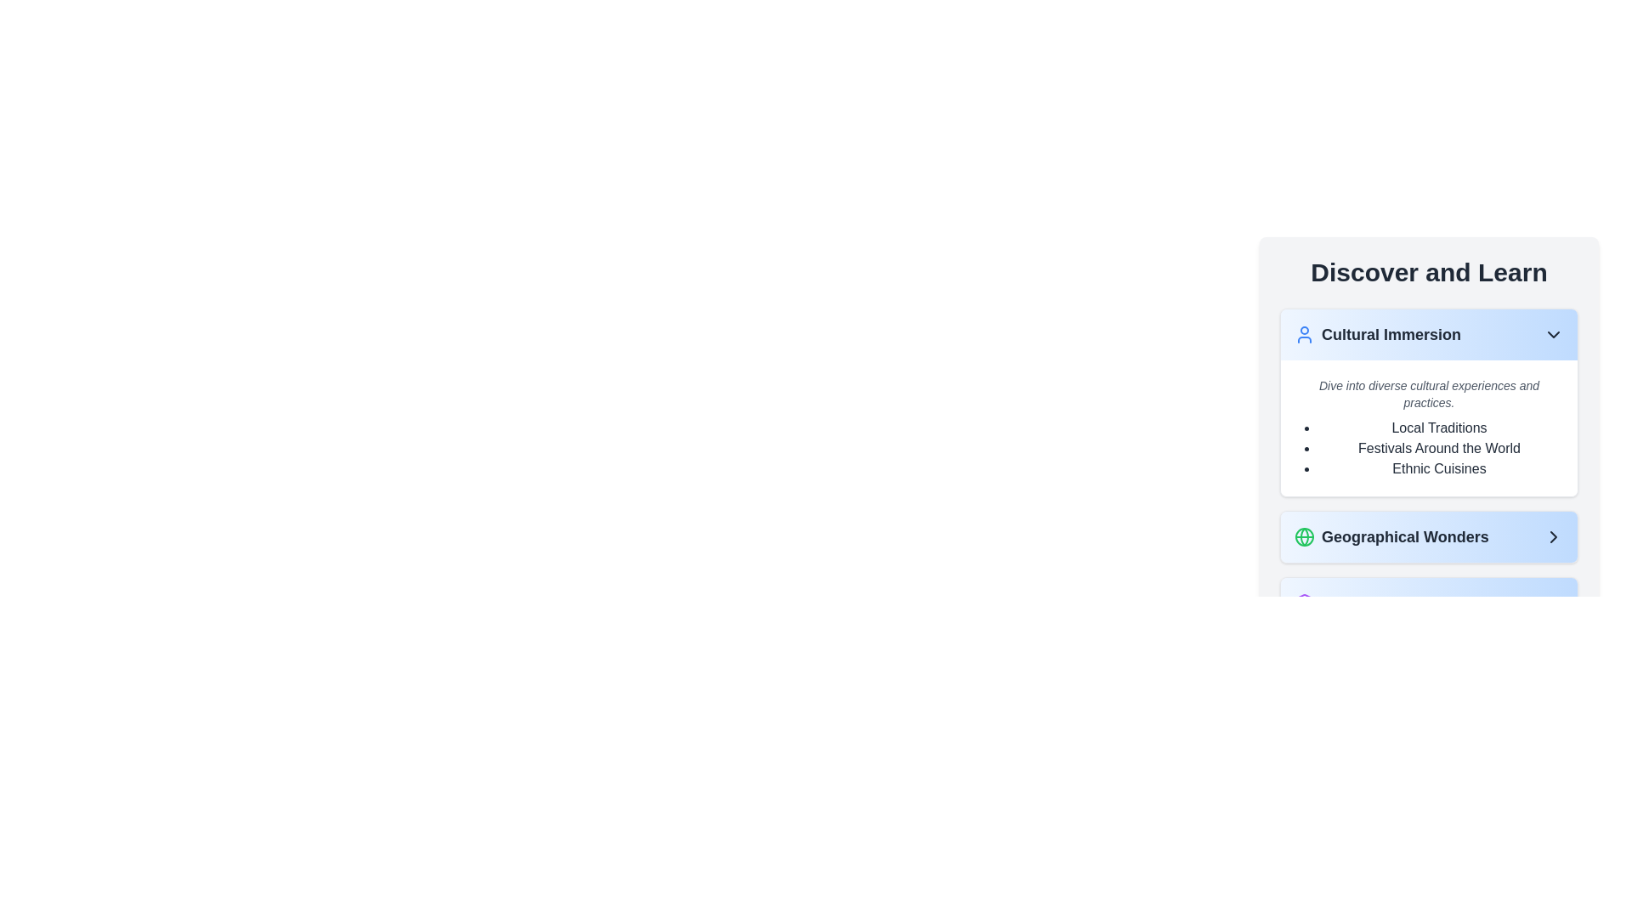  What do you see at coordinates (1391, 537) in the screenshot?
I see `the 'Geographical Wonders' text with icon label, which features a bold font and a globe icon in green` at bounding box center [1391, 537].